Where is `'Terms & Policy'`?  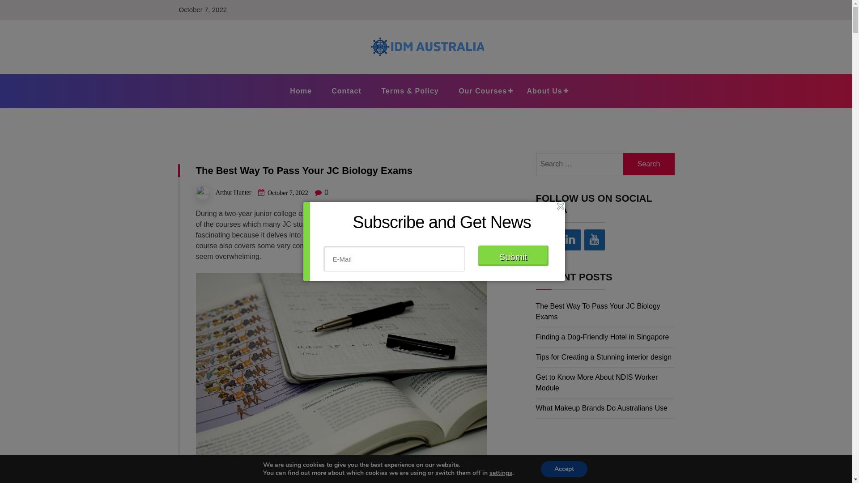
'Terms & Policy' is located at coordinates (409, 91).